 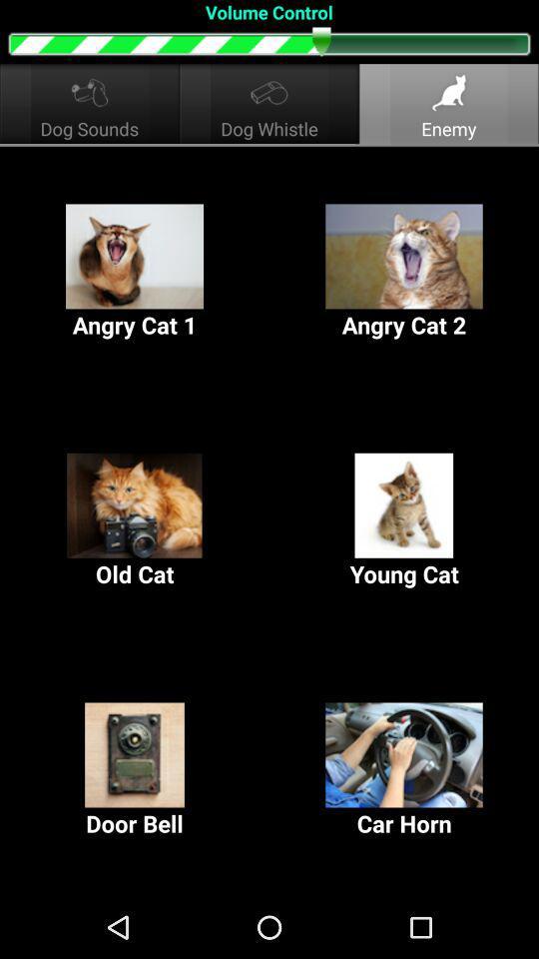 I want to click on the car horn button, so click(x=404, y=769).